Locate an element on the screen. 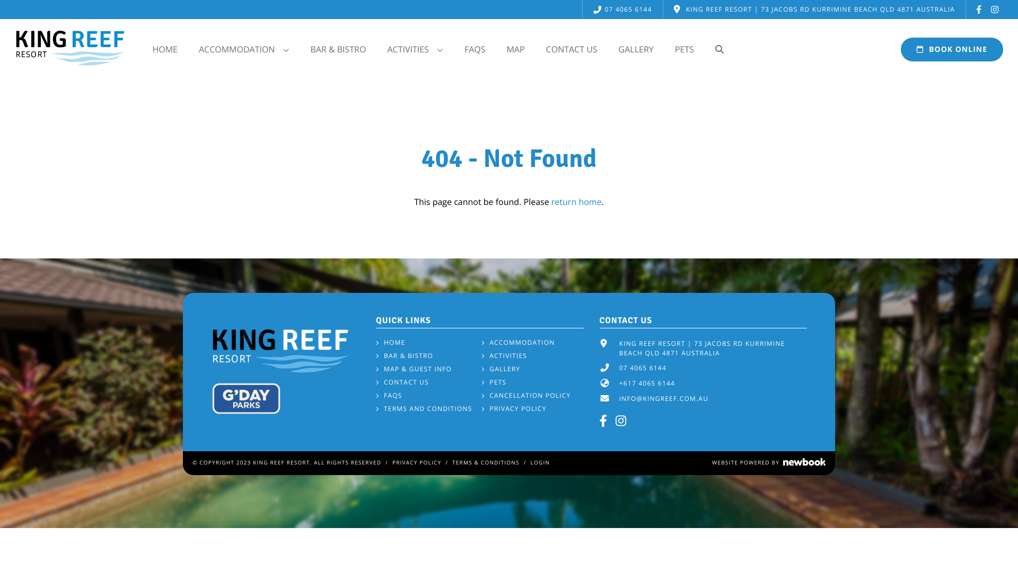  'BAR & BISTRO' is located at coordinates (404, 355).